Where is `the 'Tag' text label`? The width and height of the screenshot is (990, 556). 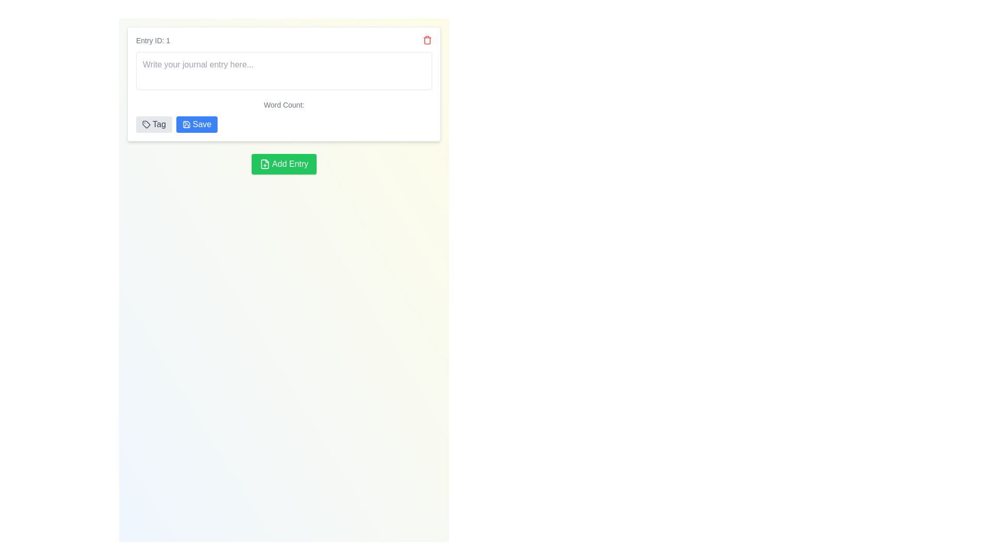
the 'Tag' text label is located at coordinates (158, 124).